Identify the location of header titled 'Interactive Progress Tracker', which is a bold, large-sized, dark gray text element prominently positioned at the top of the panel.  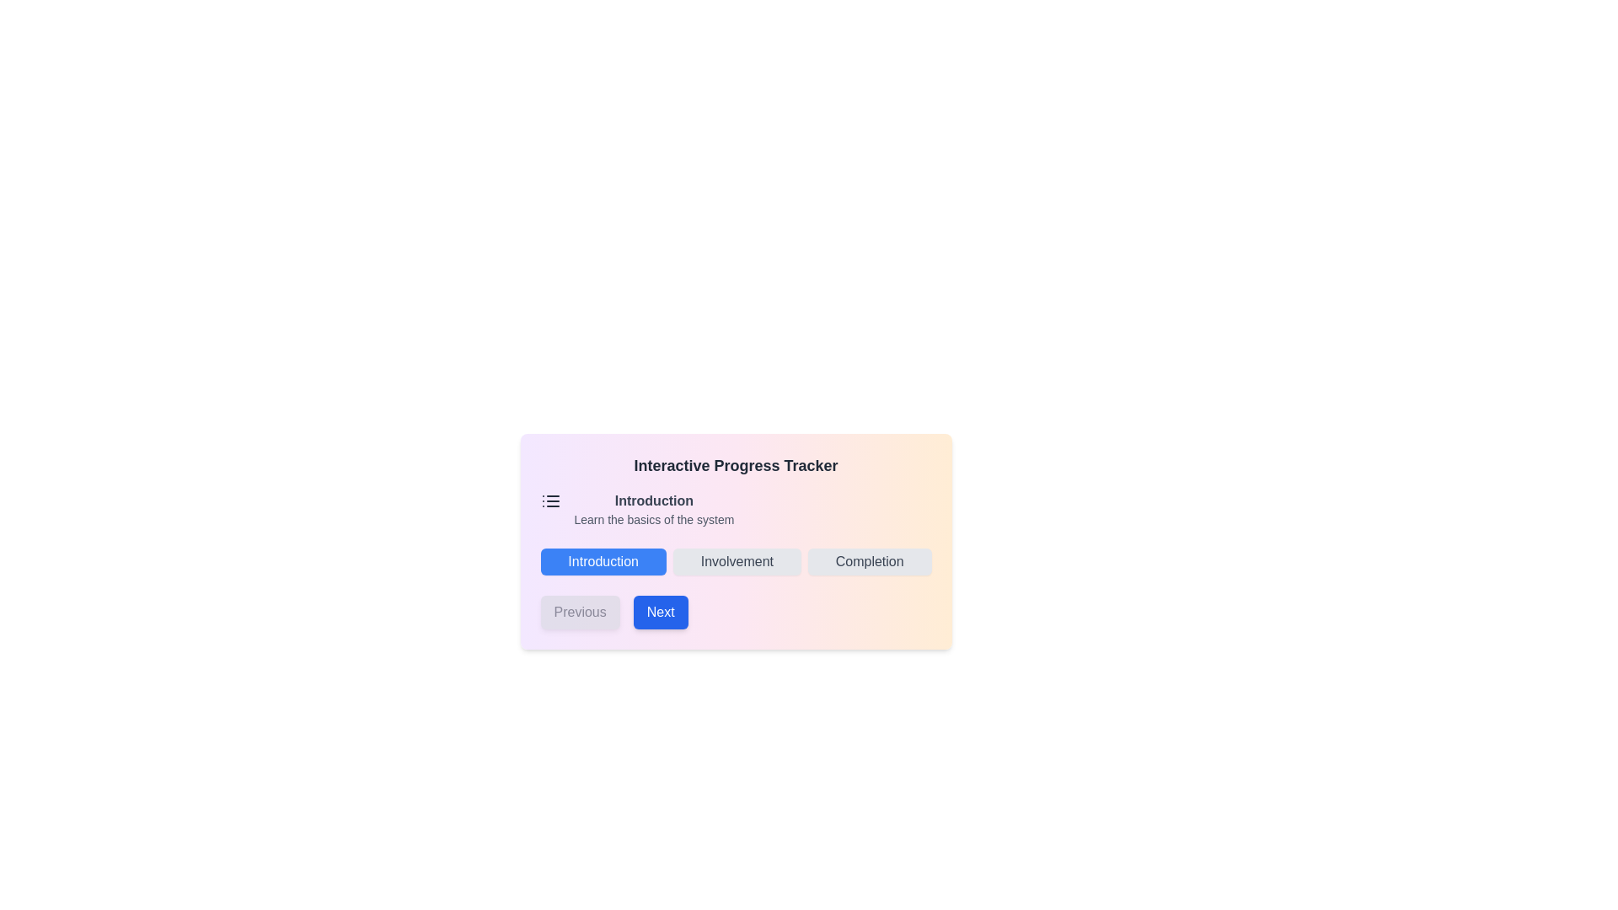
(736, 465).